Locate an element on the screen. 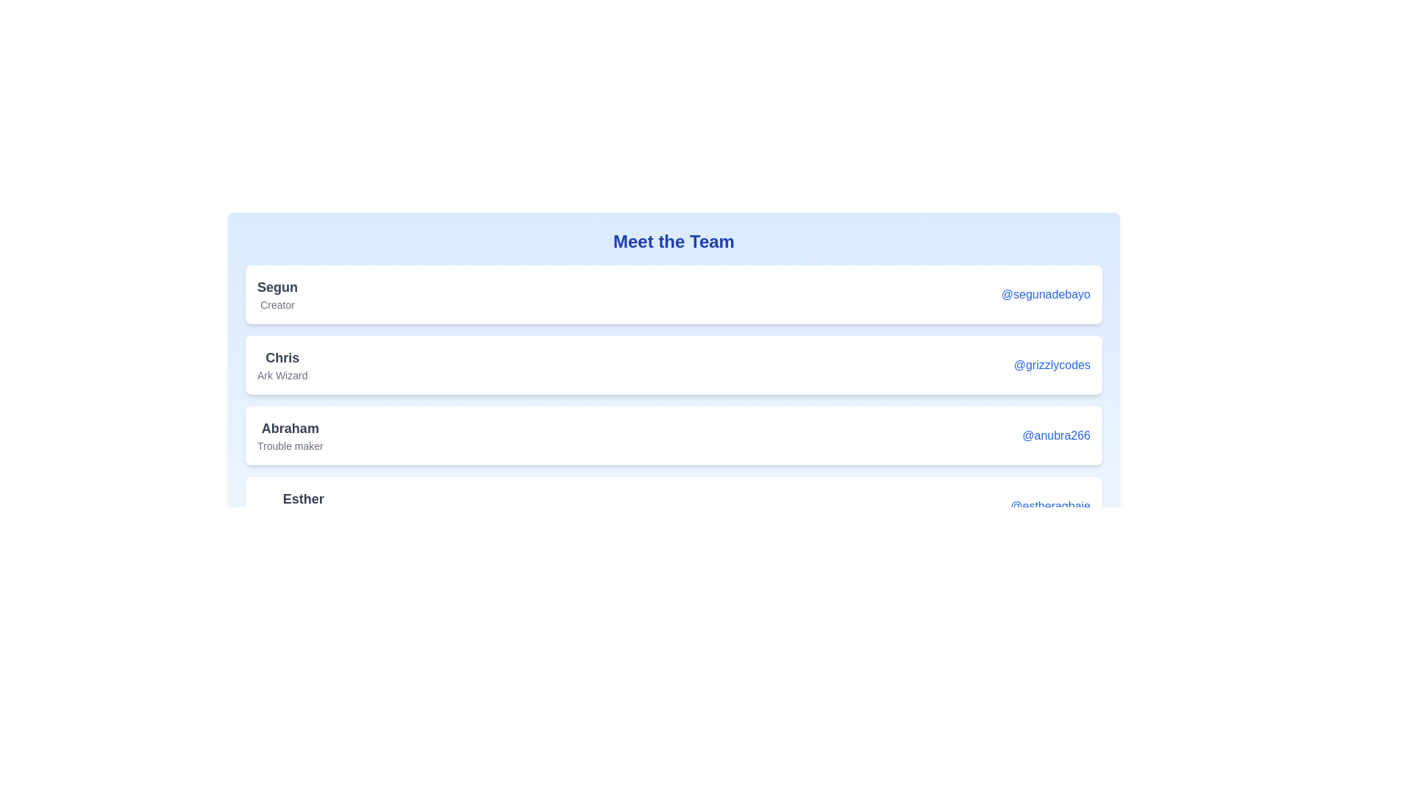  the Text Label that displays the name of a person, which is the first line of text within the profile card positioned third from the top is located at coordinates (290, 428).